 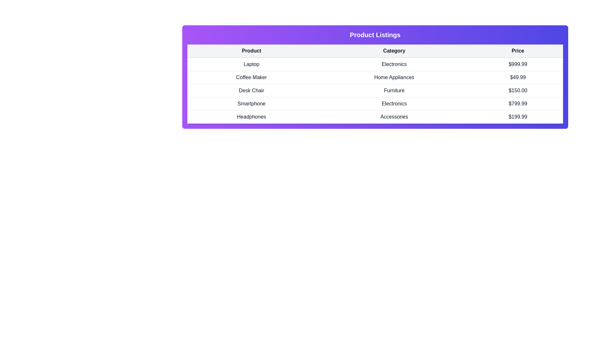 I want to click on the 'Desk Chair' text label in the 'Product' column of the third row in the table, which is displayed in a clean and uniform style, so click(x=251, y=90).